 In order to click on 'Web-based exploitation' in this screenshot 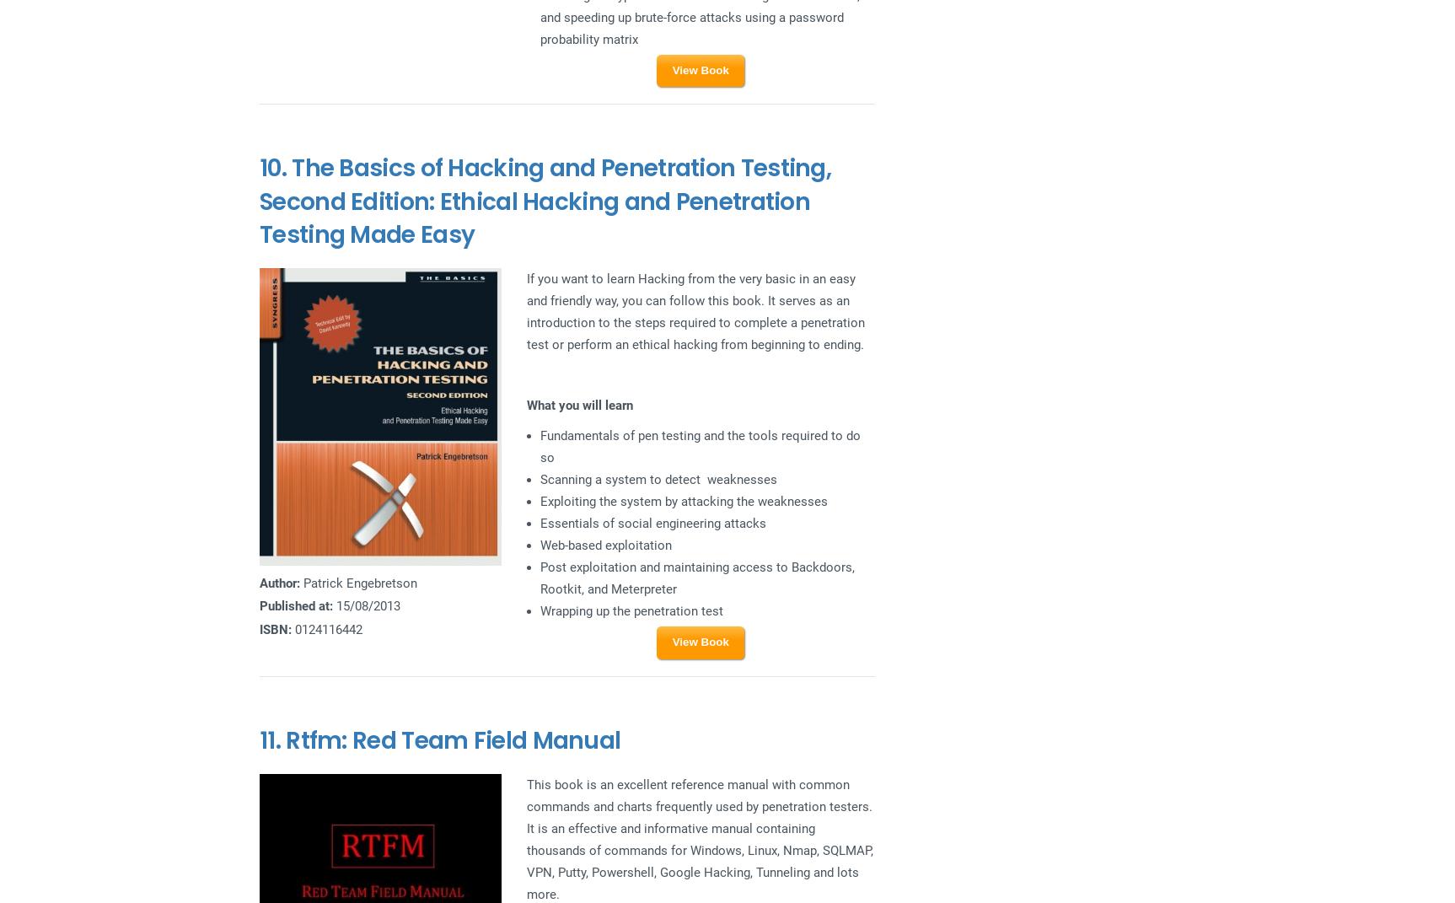, I will do `click(605, 544)`.